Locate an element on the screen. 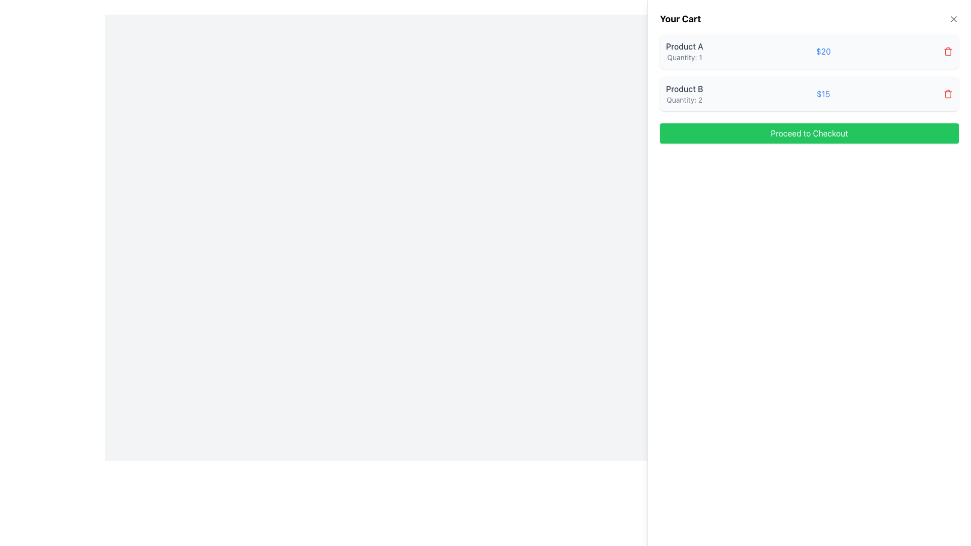  the 'X' shaped close button located at the top-right corner of the 'Your Cart' section is located at coordinates (953, 19).